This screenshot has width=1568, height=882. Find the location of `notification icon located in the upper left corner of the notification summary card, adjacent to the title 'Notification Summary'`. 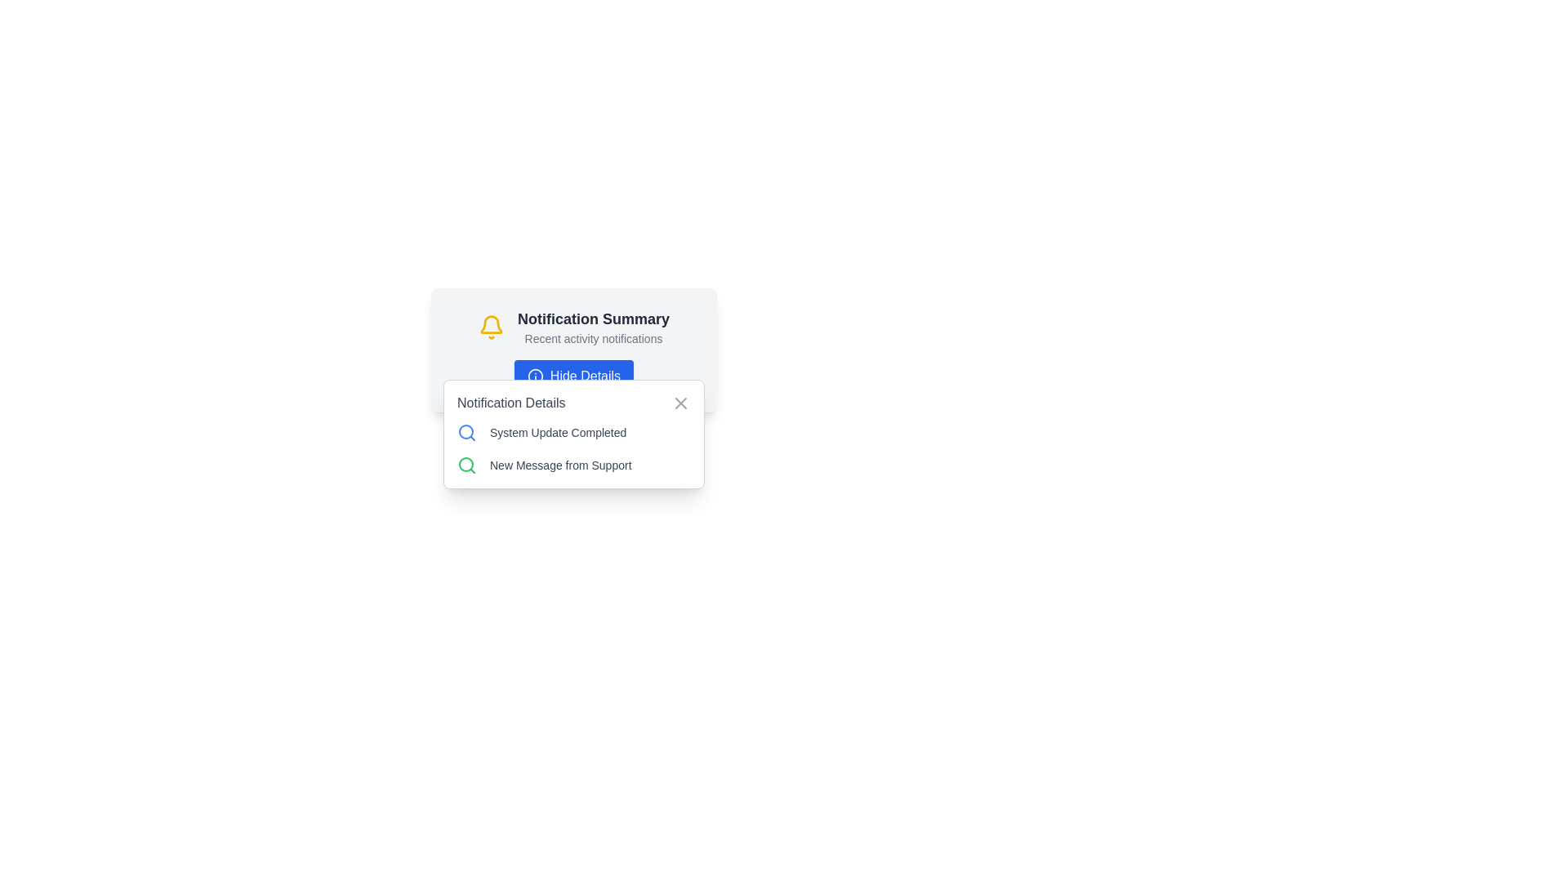

notification icon located in the upper left corner of the notification summary card, adjacent to the title 'Notification Summary' is located at coordinates (490, 327).